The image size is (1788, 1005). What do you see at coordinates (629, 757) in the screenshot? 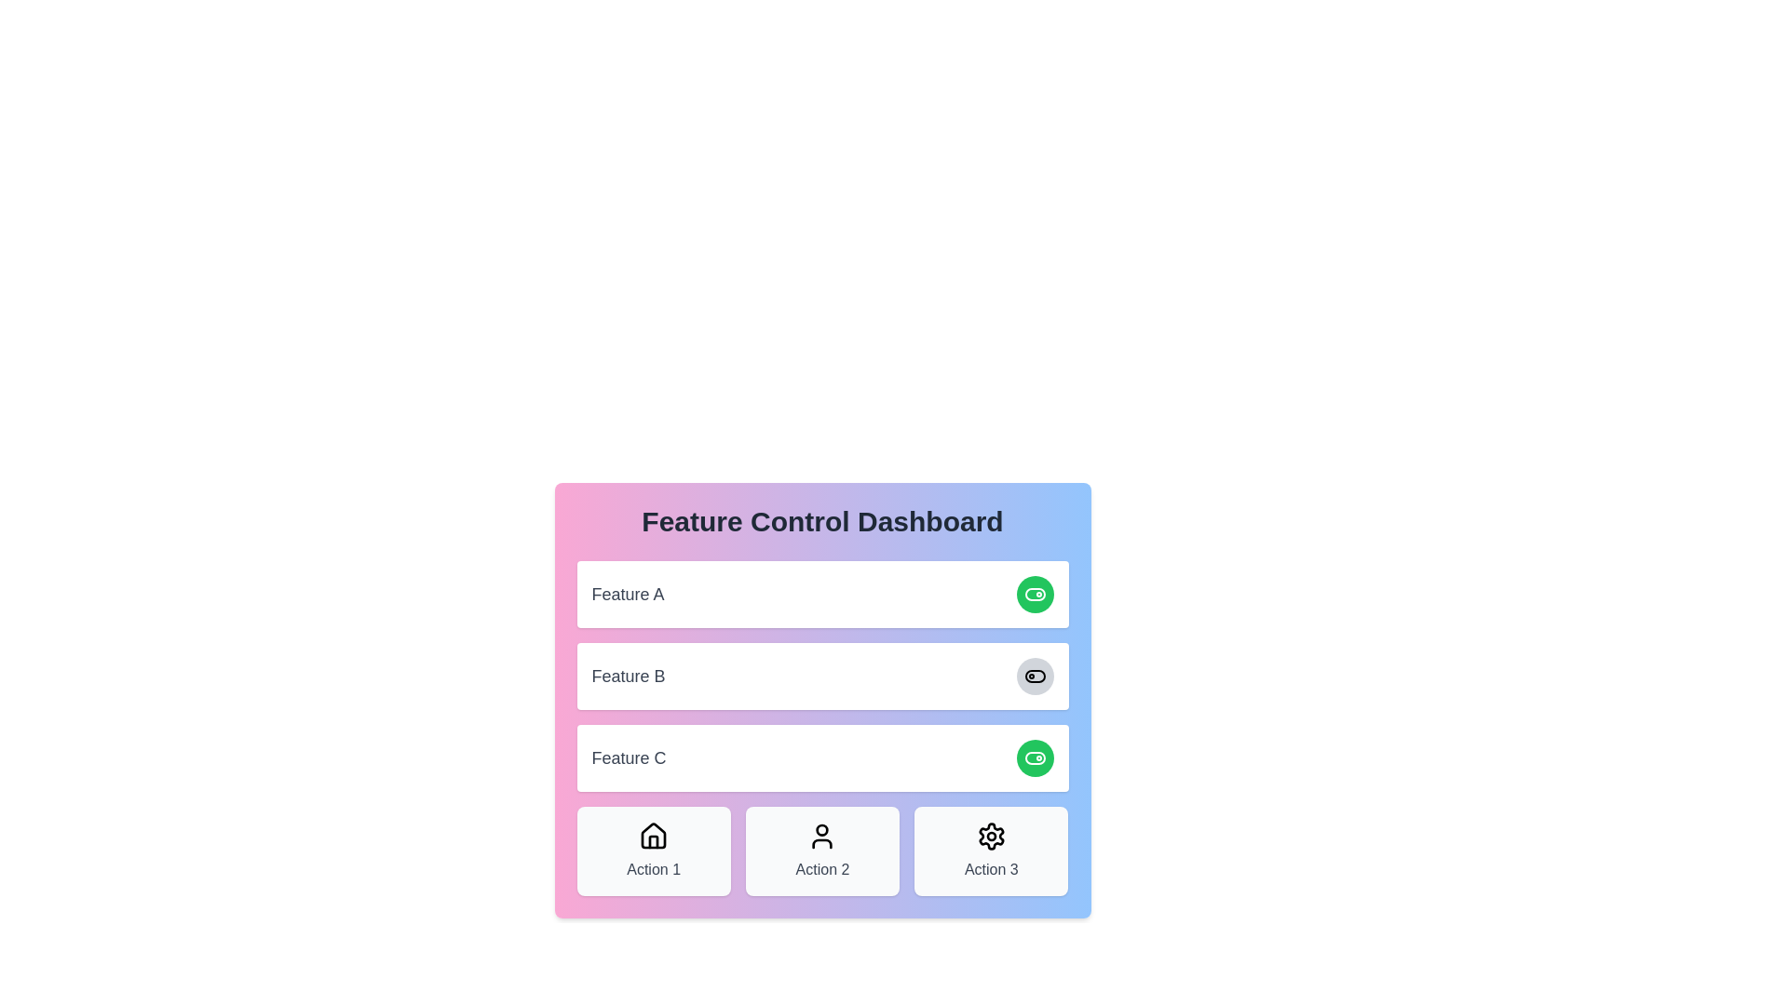
I see `the Text Label located in the third row of the central dashboard widget, which describes the associated feature and is positioned next to an interactive green circular button` at bounding box center [629, 757].